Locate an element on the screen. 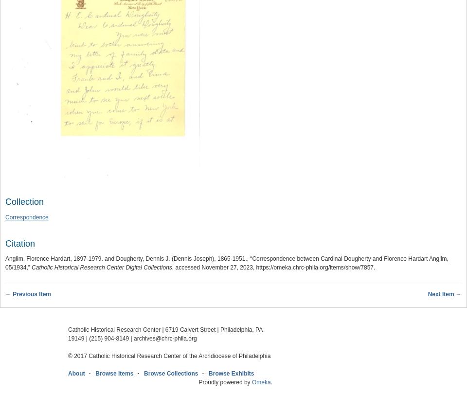 The image size is (467, 395). 'Proudly powered by' is located at coordinates (225, 382).